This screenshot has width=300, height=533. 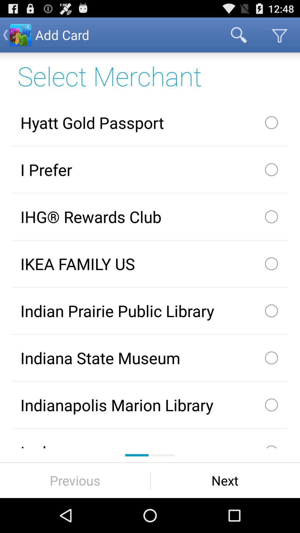 I want to click on icon below the hyatt gold passport, so click(x=150, y=169).